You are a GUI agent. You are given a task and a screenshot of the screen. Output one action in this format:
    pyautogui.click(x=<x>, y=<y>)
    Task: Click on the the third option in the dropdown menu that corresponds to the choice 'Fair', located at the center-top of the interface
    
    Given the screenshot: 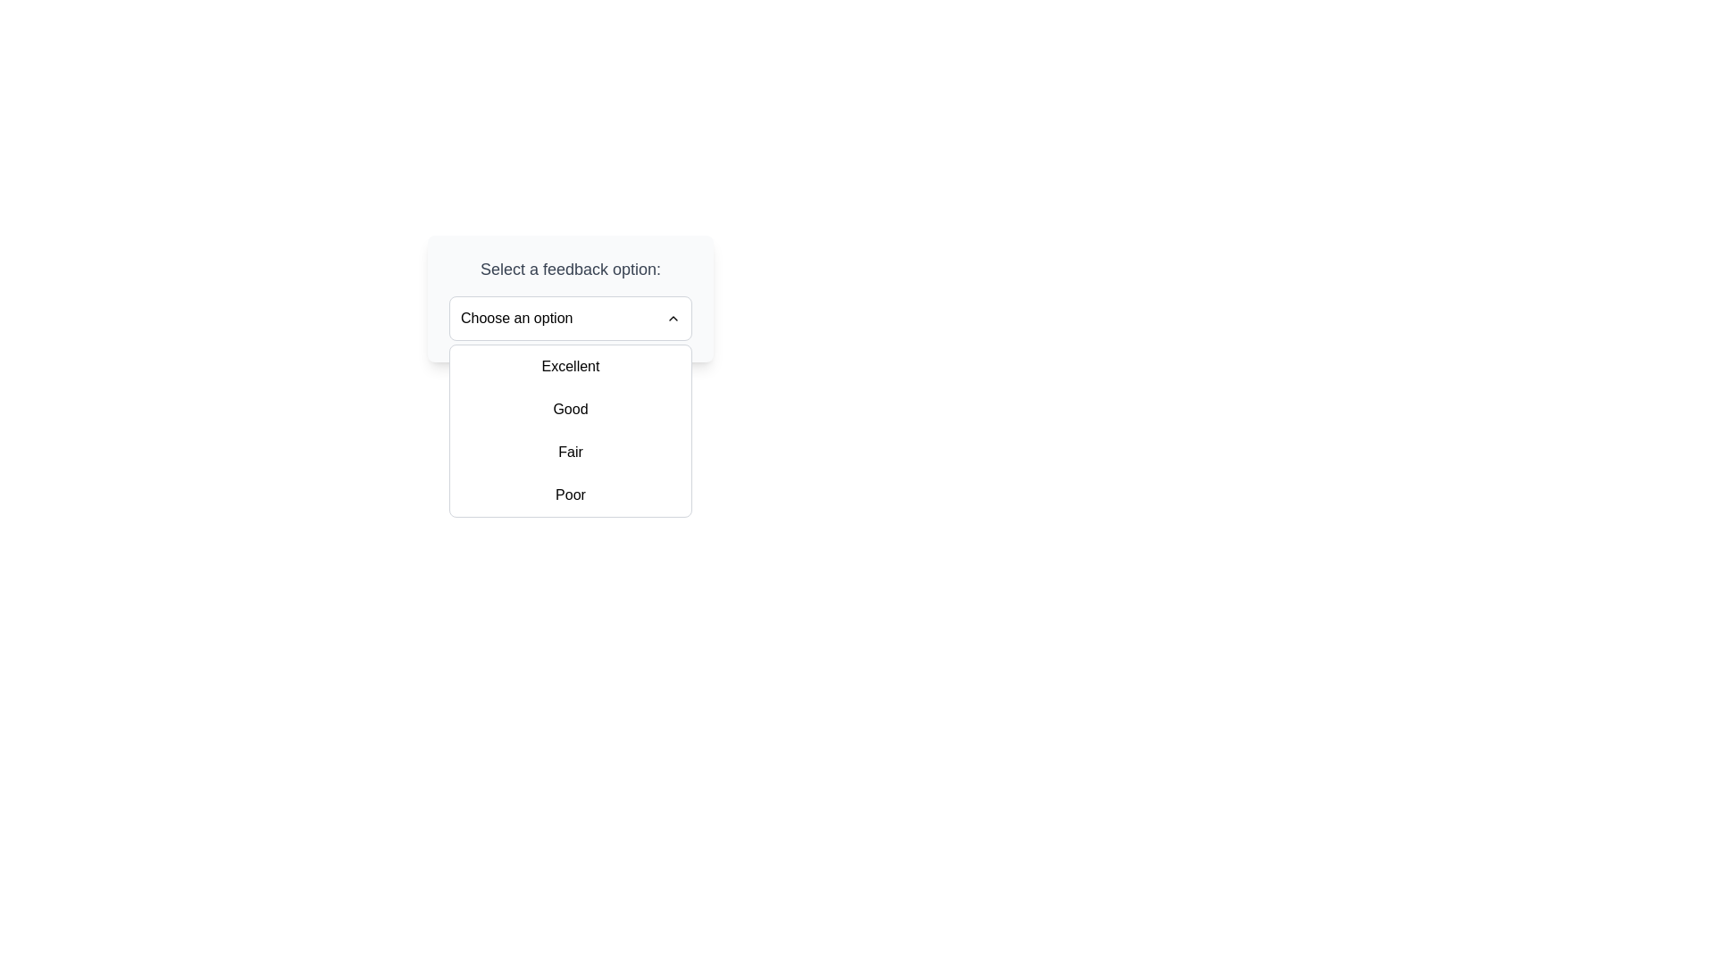 What is the action you would take?
    pyautogui.click(x=569, y=451)
    